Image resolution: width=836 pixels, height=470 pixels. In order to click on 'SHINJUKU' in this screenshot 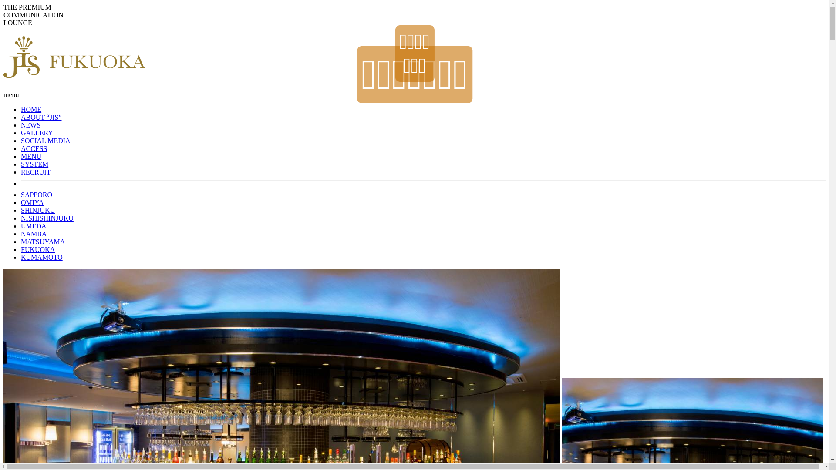, I will do `click(37, 210)`.